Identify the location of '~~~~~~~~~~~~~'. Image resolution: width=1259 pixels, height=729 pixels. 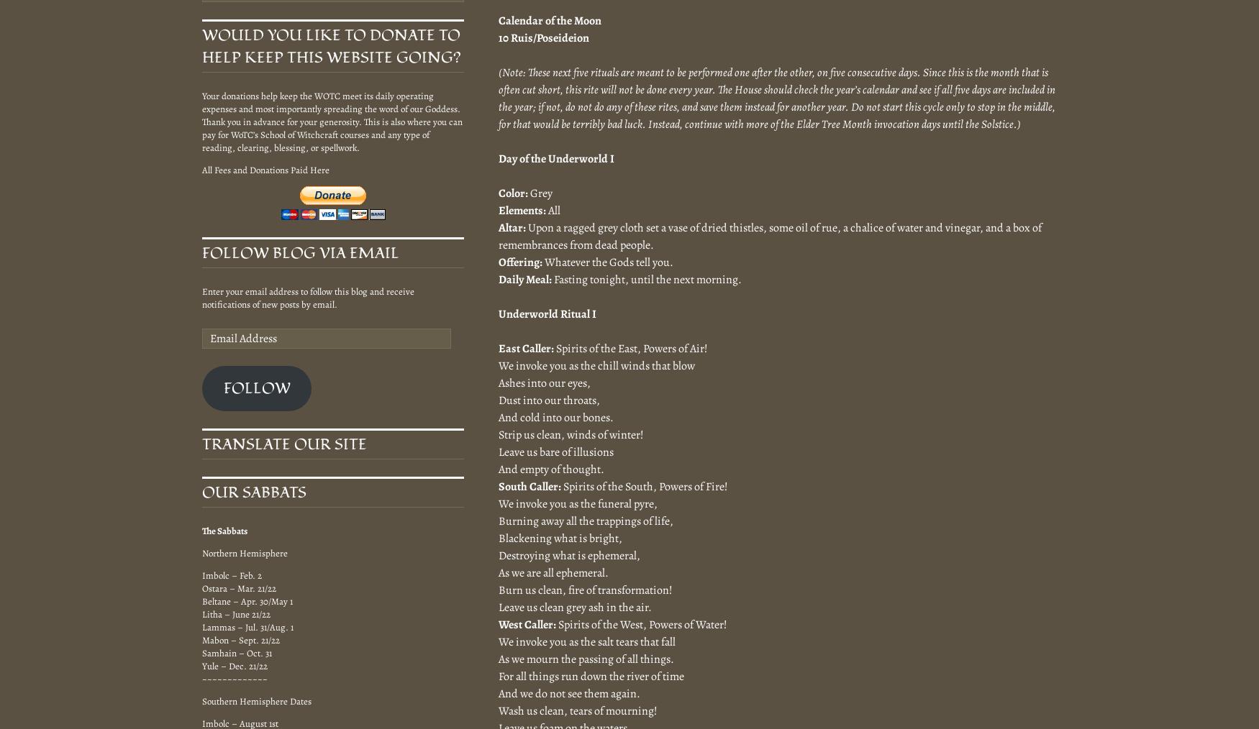
(235, 679).